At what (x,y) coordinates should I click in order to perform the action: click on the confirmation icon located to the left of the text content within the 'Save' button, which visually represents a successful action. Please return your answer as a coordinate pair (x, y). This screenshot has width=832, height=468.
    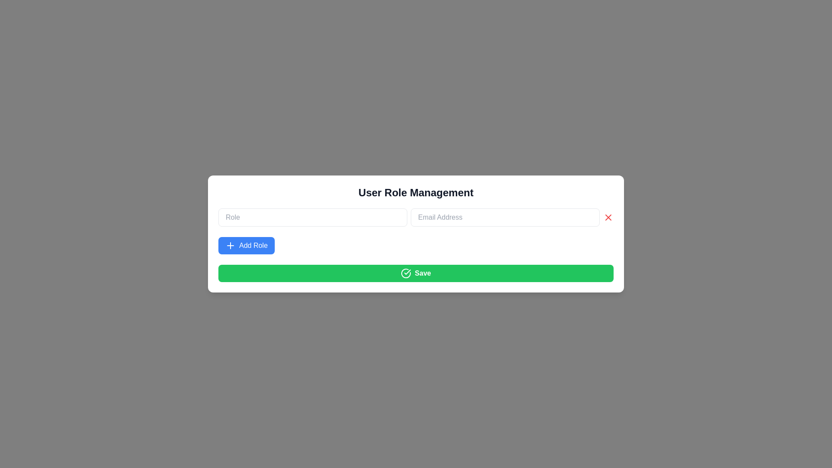
    Looking at the image, I should click on (406, 273).